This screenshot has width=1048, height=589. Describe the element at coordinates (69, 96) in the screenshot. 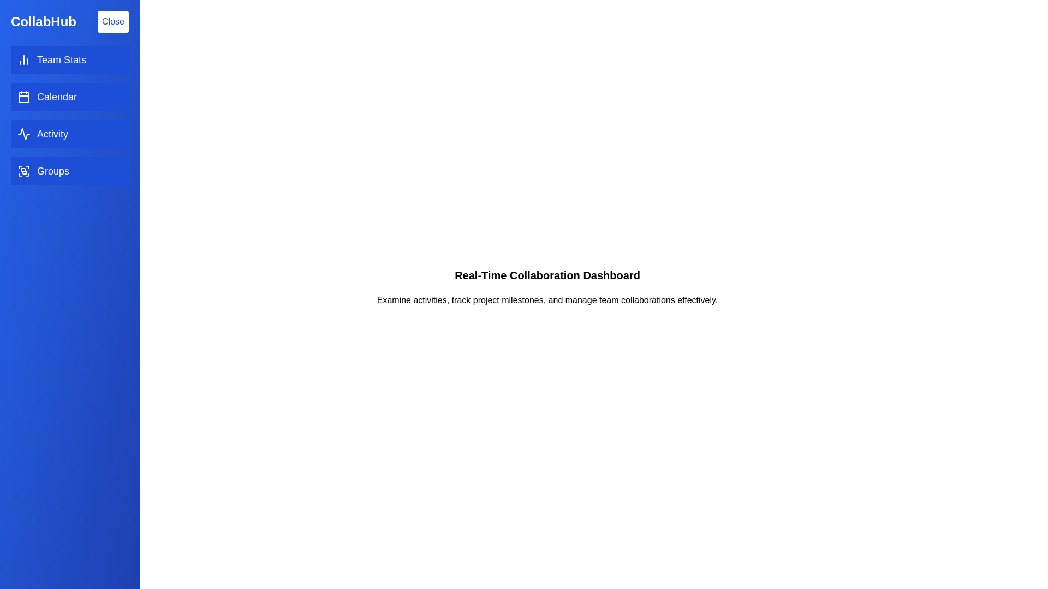

I see `the menu item Calendar to observe visual feedback` at that location.